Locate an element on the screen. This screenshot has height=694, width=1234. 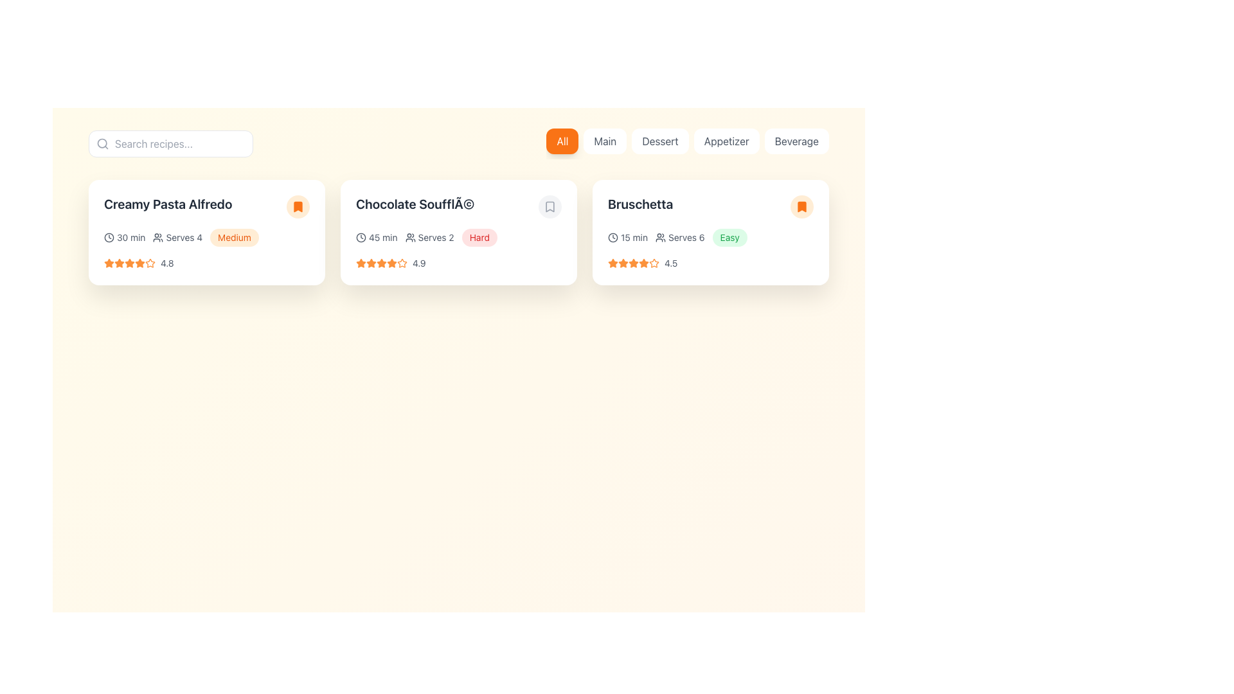
the orange bookmark icon shaped like a ribbon in the top right corner of the card titled 'Bruschetta' to bookmark or unbookmark the card is located at coordinates (801, 206).